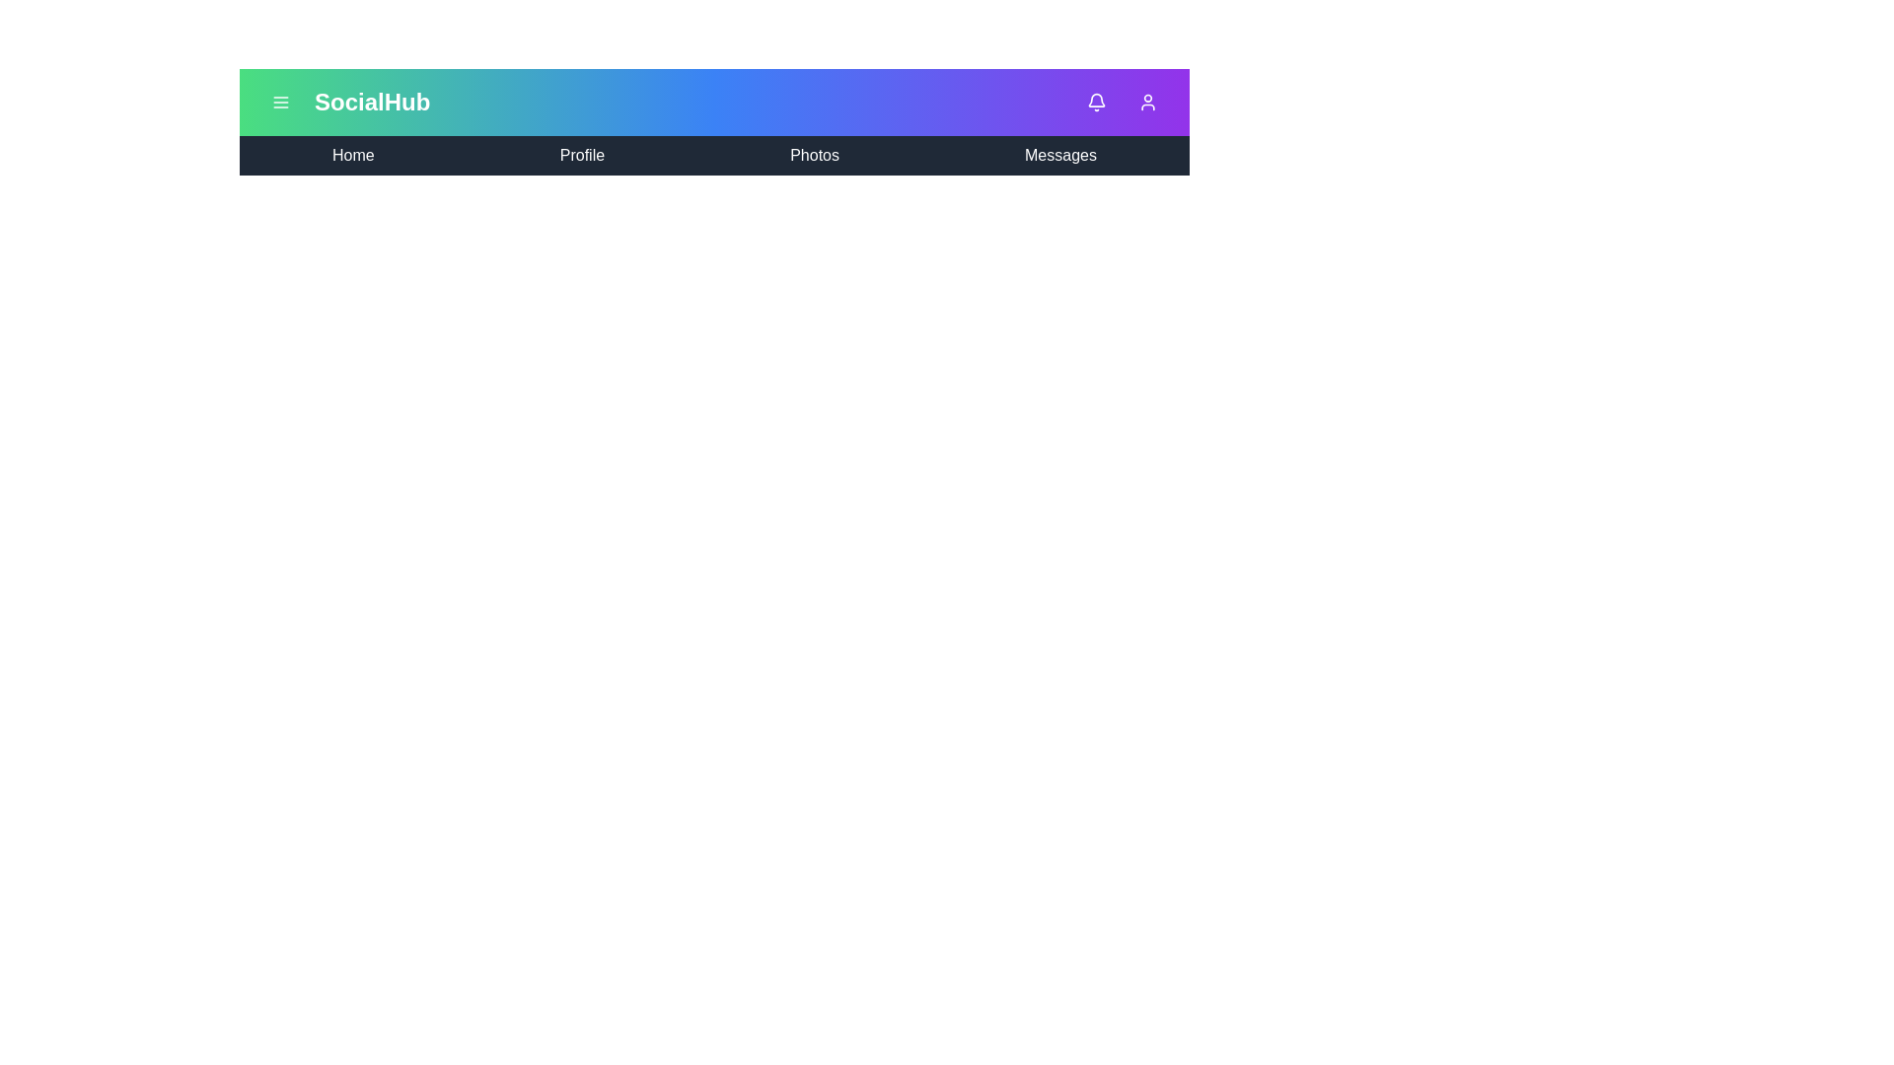 The width and height of the screenshot is (1894, 1065). Describe the element at coordinates (814, 155) in the screenshot. I see `the navigation item Photos to see the hover effect` at that location.